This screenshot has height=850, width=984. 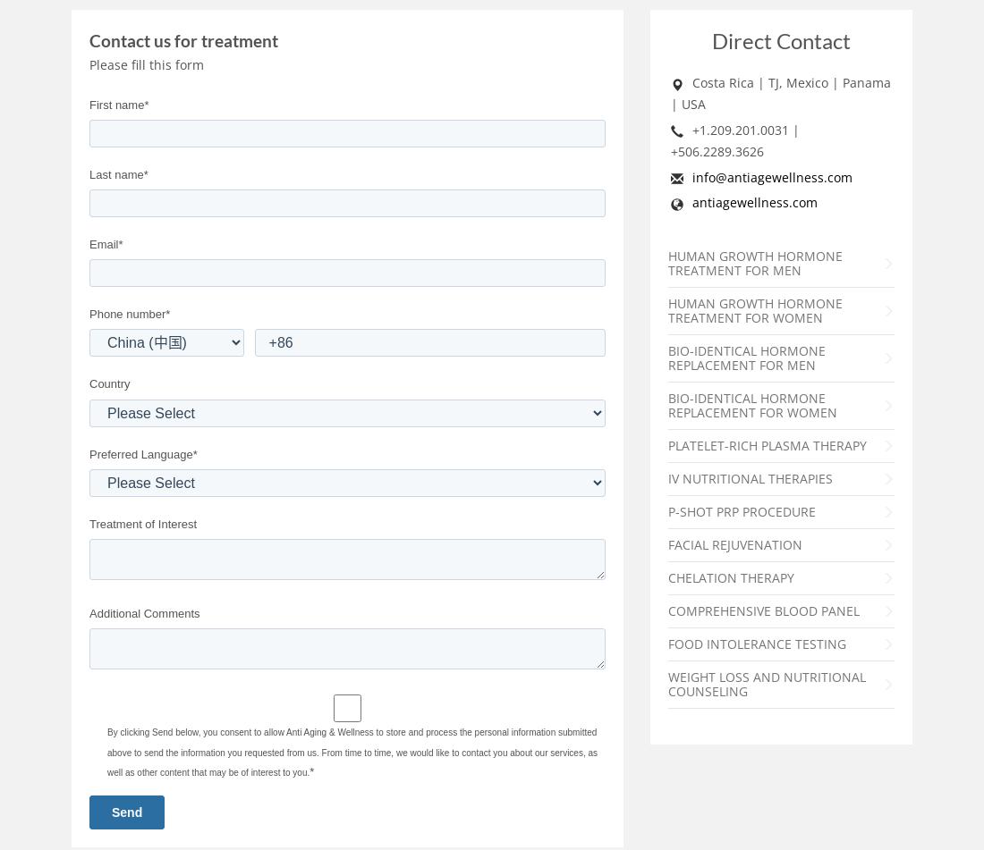 I want to click on 'Weight Loss and Nutritional Counseling', so click(x=765, y=683).